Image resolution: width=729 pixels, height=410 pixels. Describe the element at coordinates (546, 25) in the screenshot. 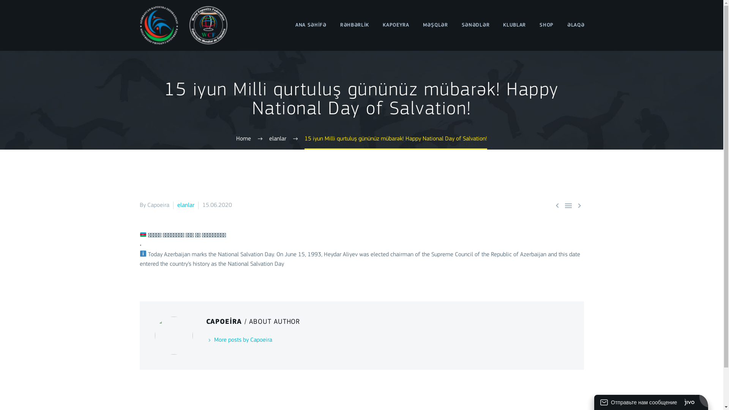

I see `'SHOP'` at that location.